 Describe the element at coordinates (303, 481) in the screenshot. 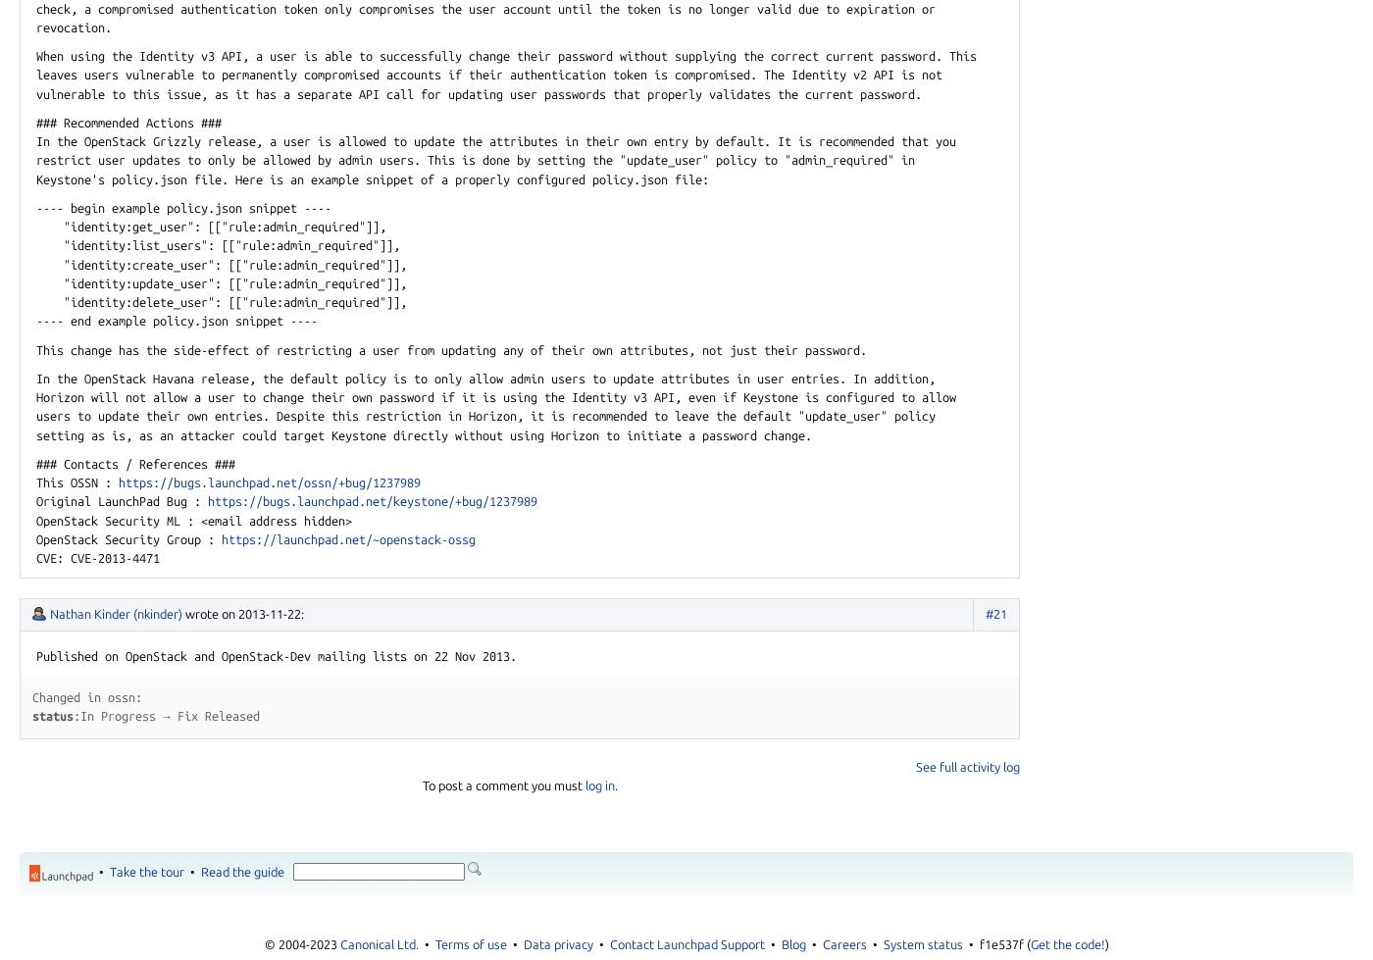

I see `'.net/ossn/'` at that location.